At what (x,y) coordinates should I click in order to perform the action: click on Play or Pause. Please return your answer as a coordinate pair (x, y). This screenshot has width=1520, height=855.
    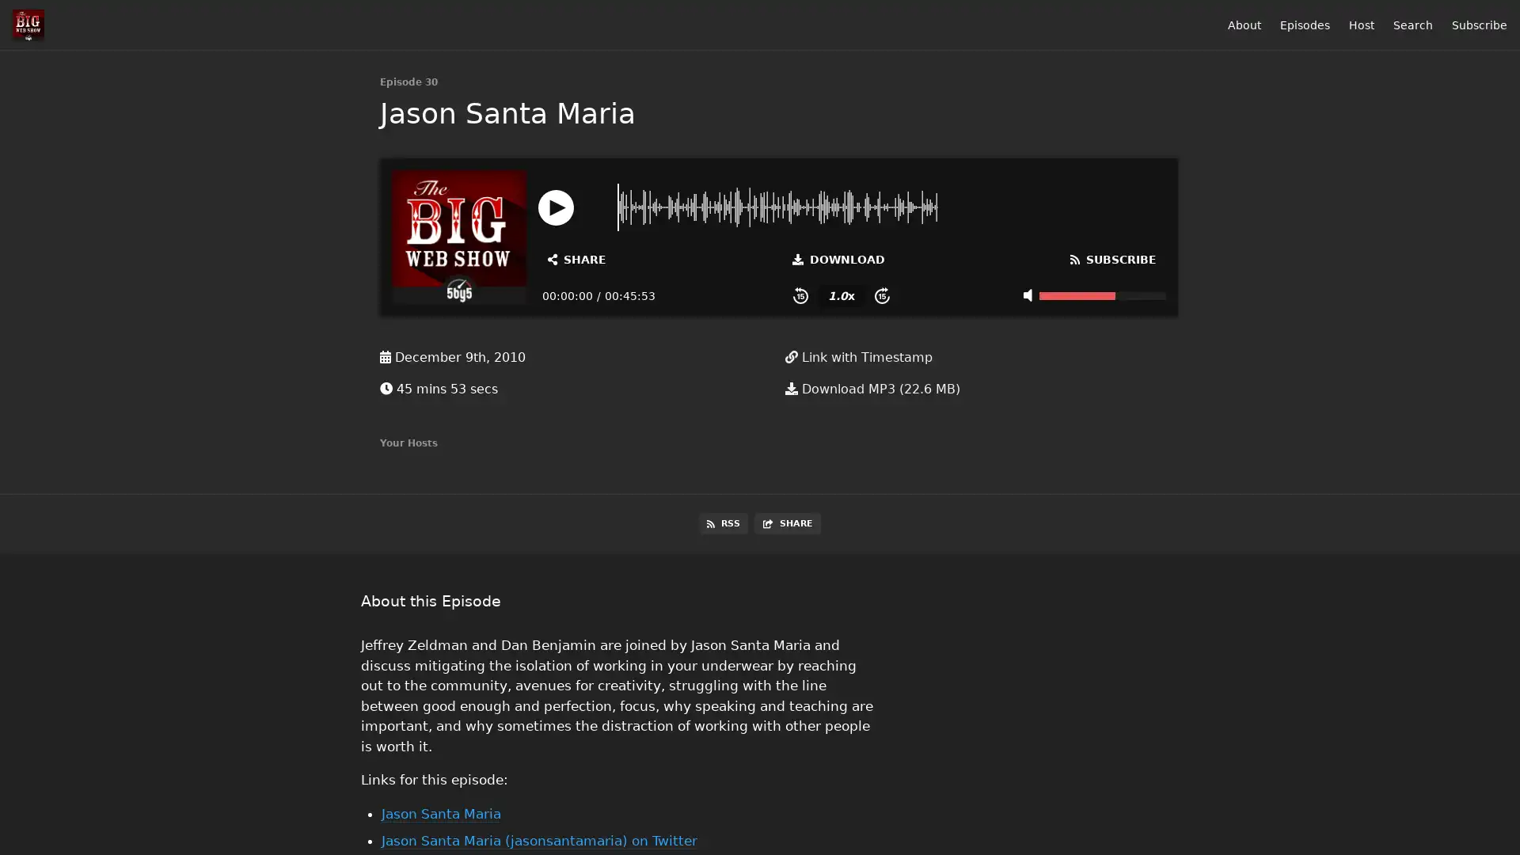
    Looking at the image, I should click on (556, 206).